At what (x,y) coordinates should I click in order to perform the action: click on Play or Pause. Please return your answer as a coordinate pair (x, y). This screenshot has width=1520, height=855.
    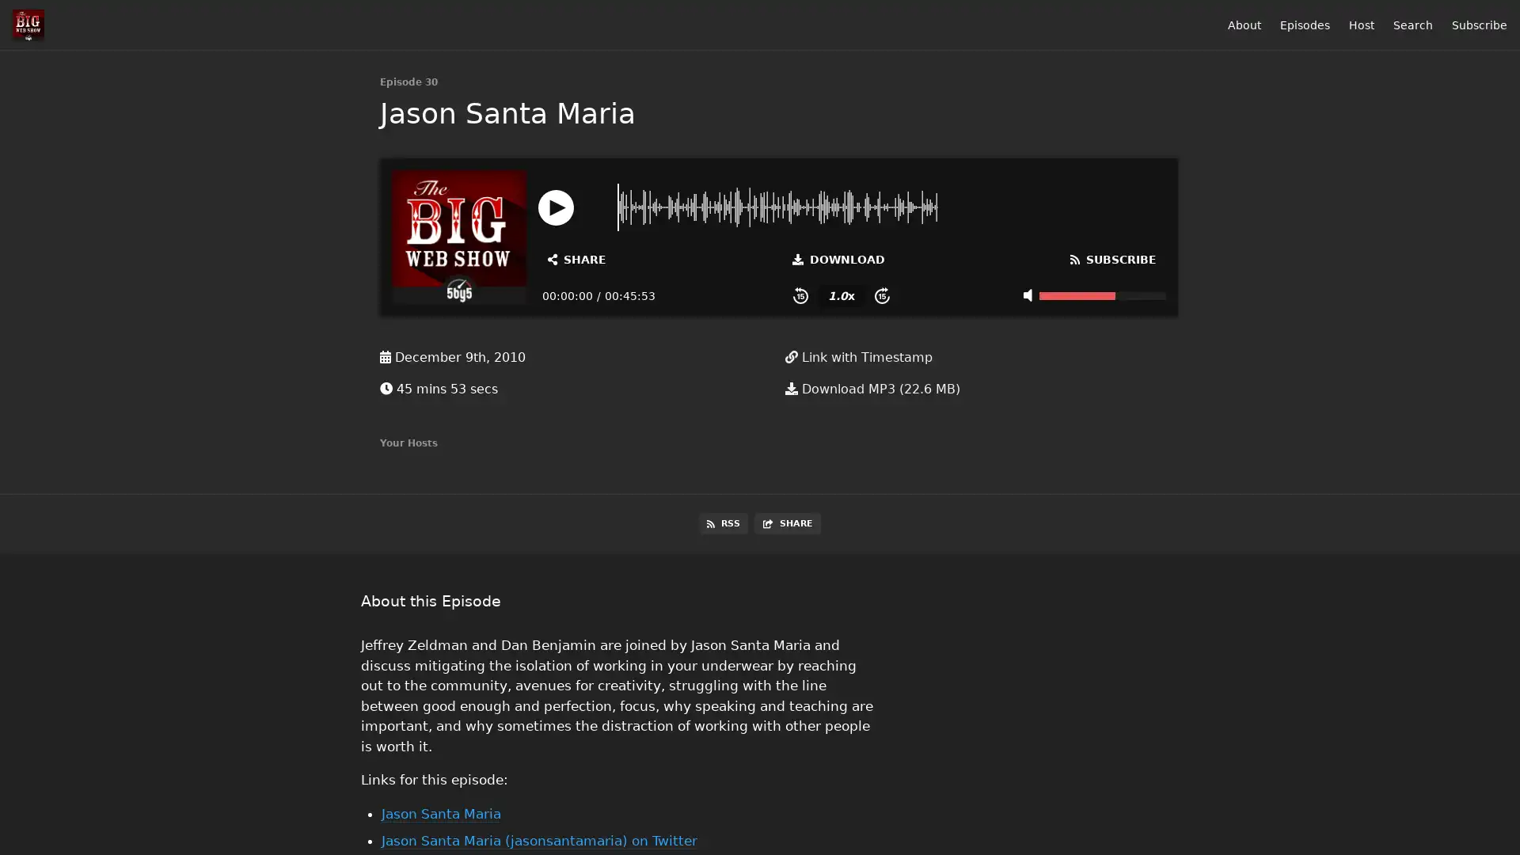
    Looking at the image, I should click on (556, 206).